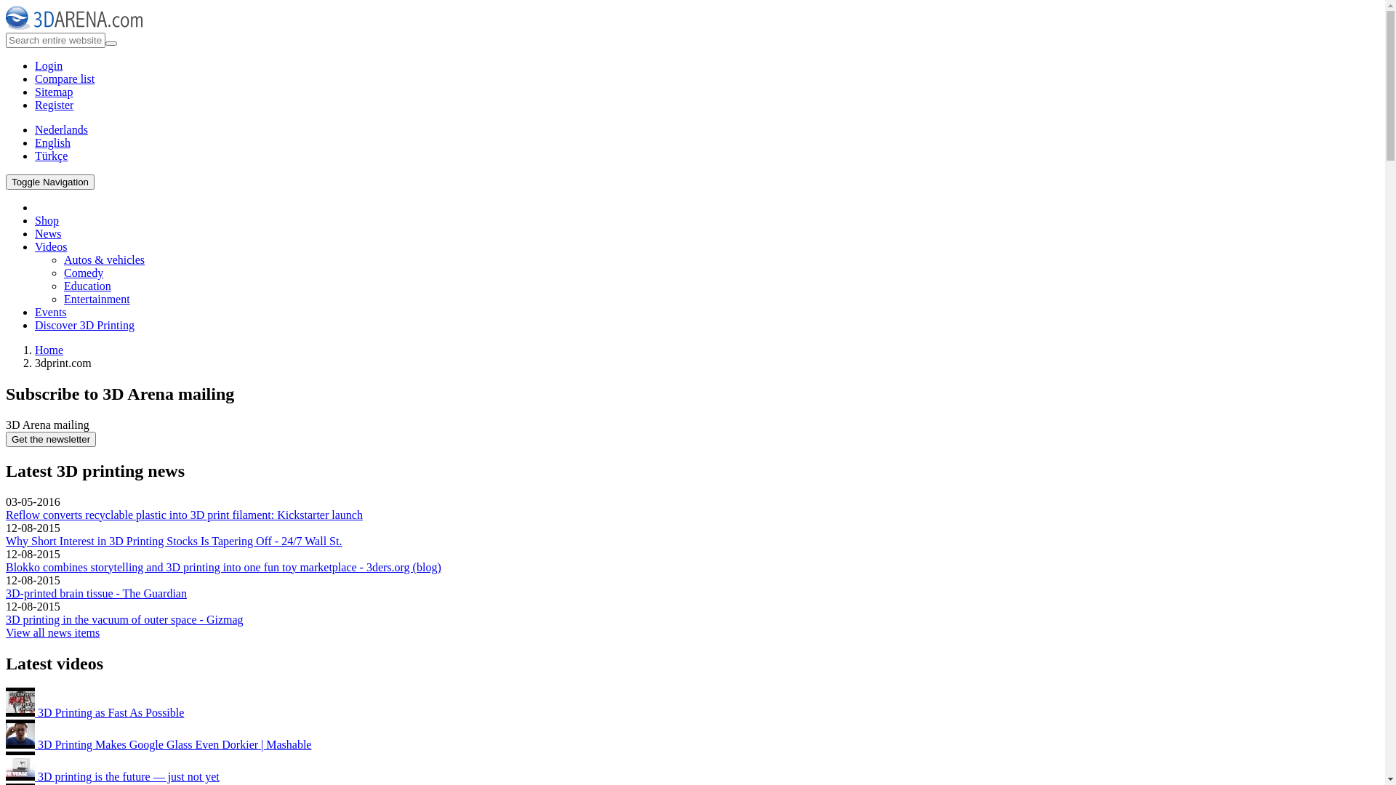 The width and height of the screenshot is (1396, 785). I want to click on 'Comedy', so click(83, 273).